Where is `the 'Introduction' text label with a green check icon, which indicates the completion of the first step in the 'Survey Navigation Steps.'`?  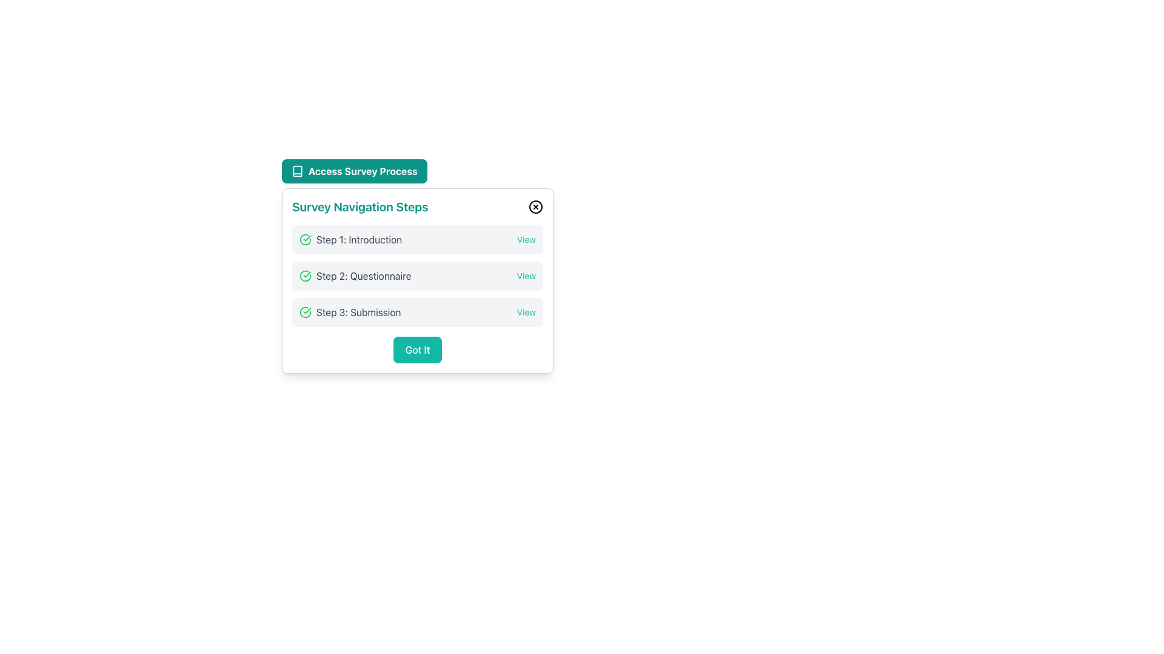
the 'Introduction' text label with a green check icon, which indicates the completion of the first step in the 'Survey Navigation Steps.' is located at coordinates (350, 240).